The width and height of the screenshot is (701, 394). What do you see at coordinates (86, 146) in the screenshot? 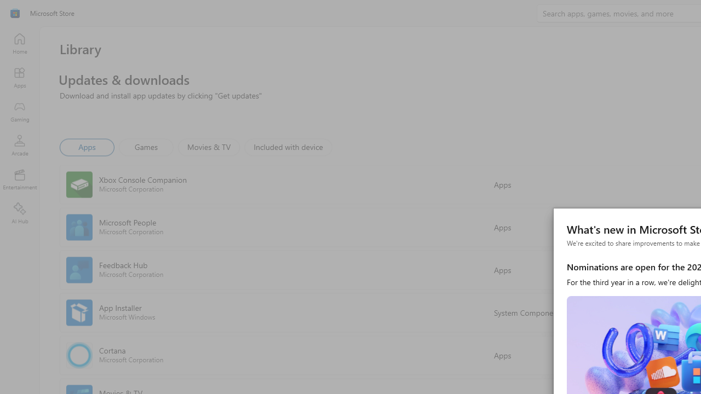
I see `'Apps'` at bounding box center [86, 146].